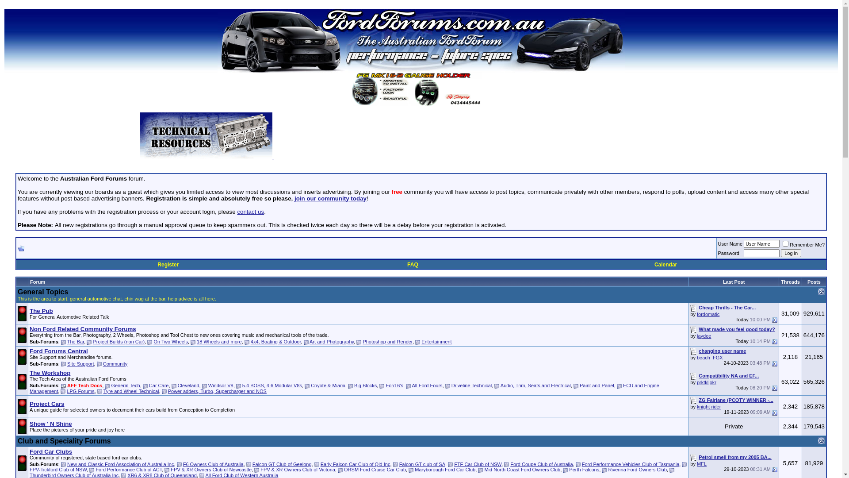  Describe the element at coordinates (188, 385) in the screenshot. I see `'Cleveland'` at that location.